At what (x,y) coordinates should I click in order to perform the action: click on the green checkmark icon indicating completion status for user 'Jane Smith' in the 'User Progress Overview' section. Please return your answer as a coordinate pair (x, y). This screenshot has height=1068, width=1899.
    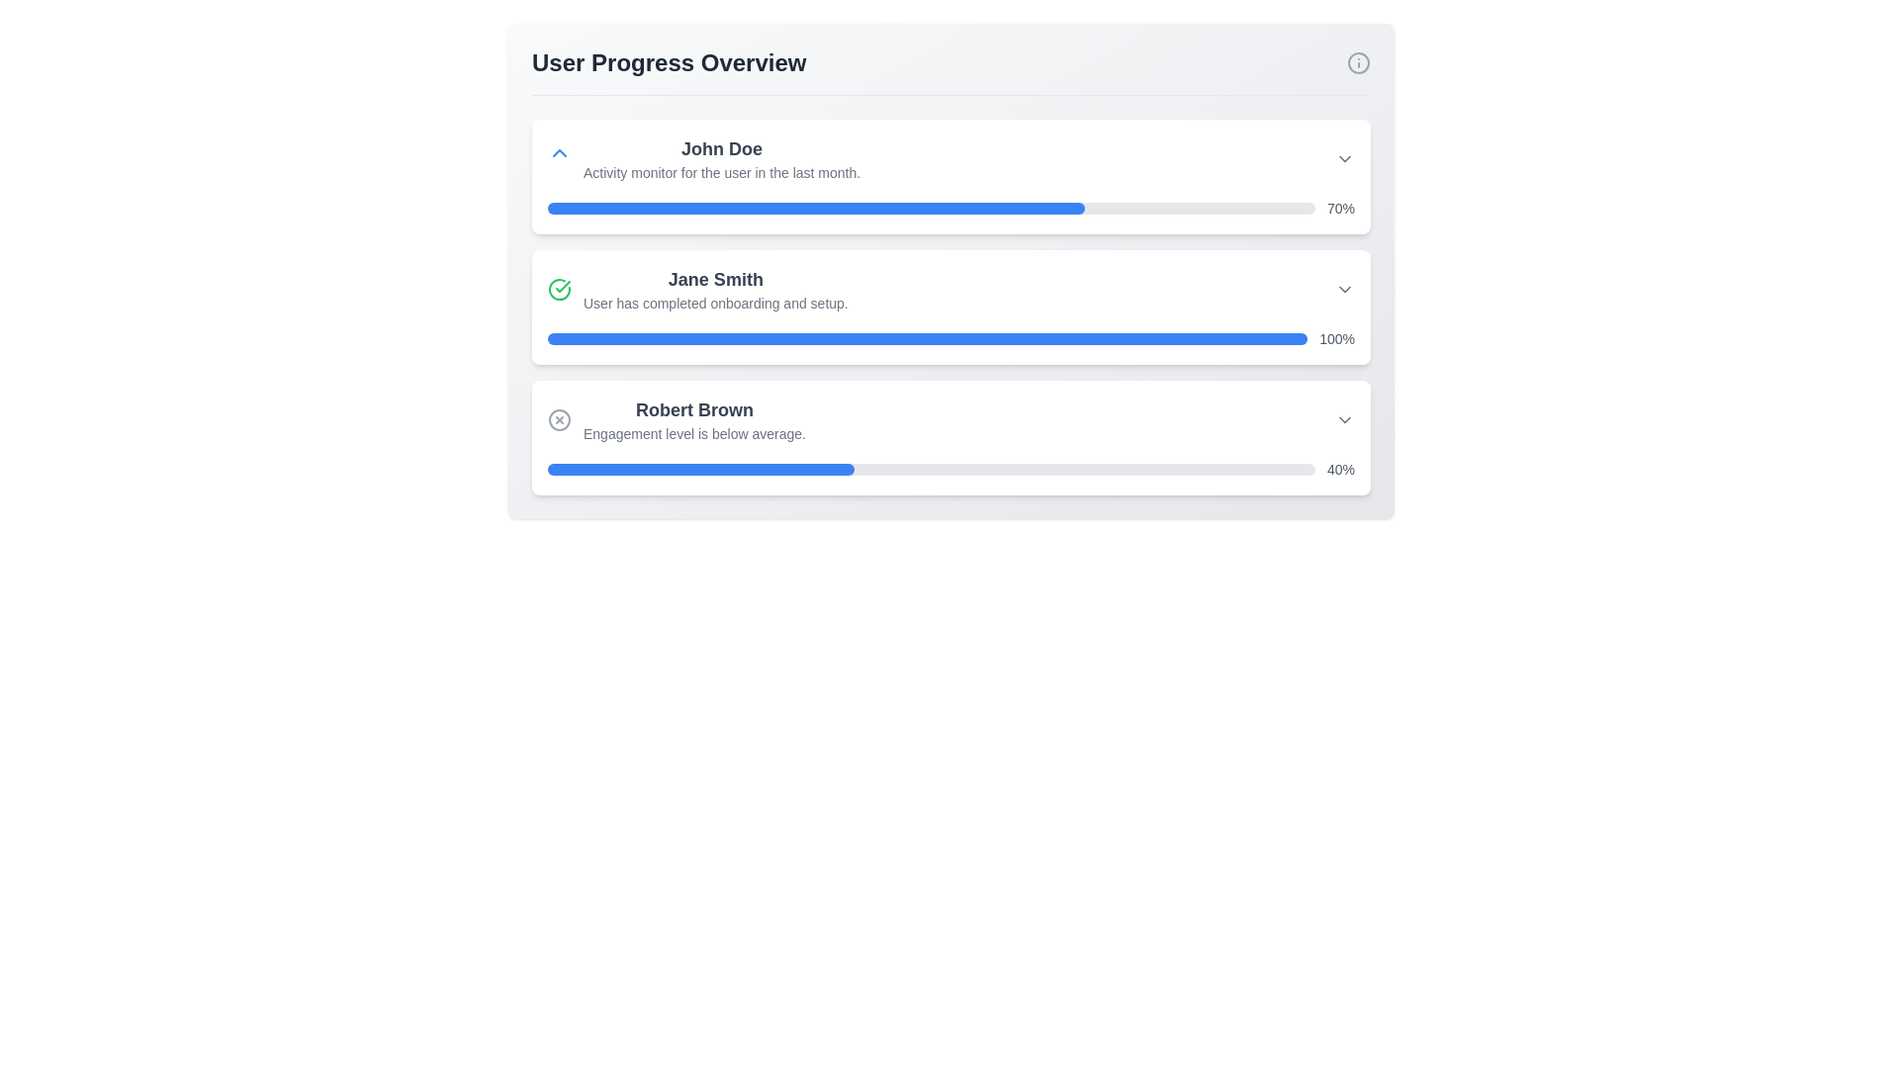
    Looking at the image, I should click on (559, 290).